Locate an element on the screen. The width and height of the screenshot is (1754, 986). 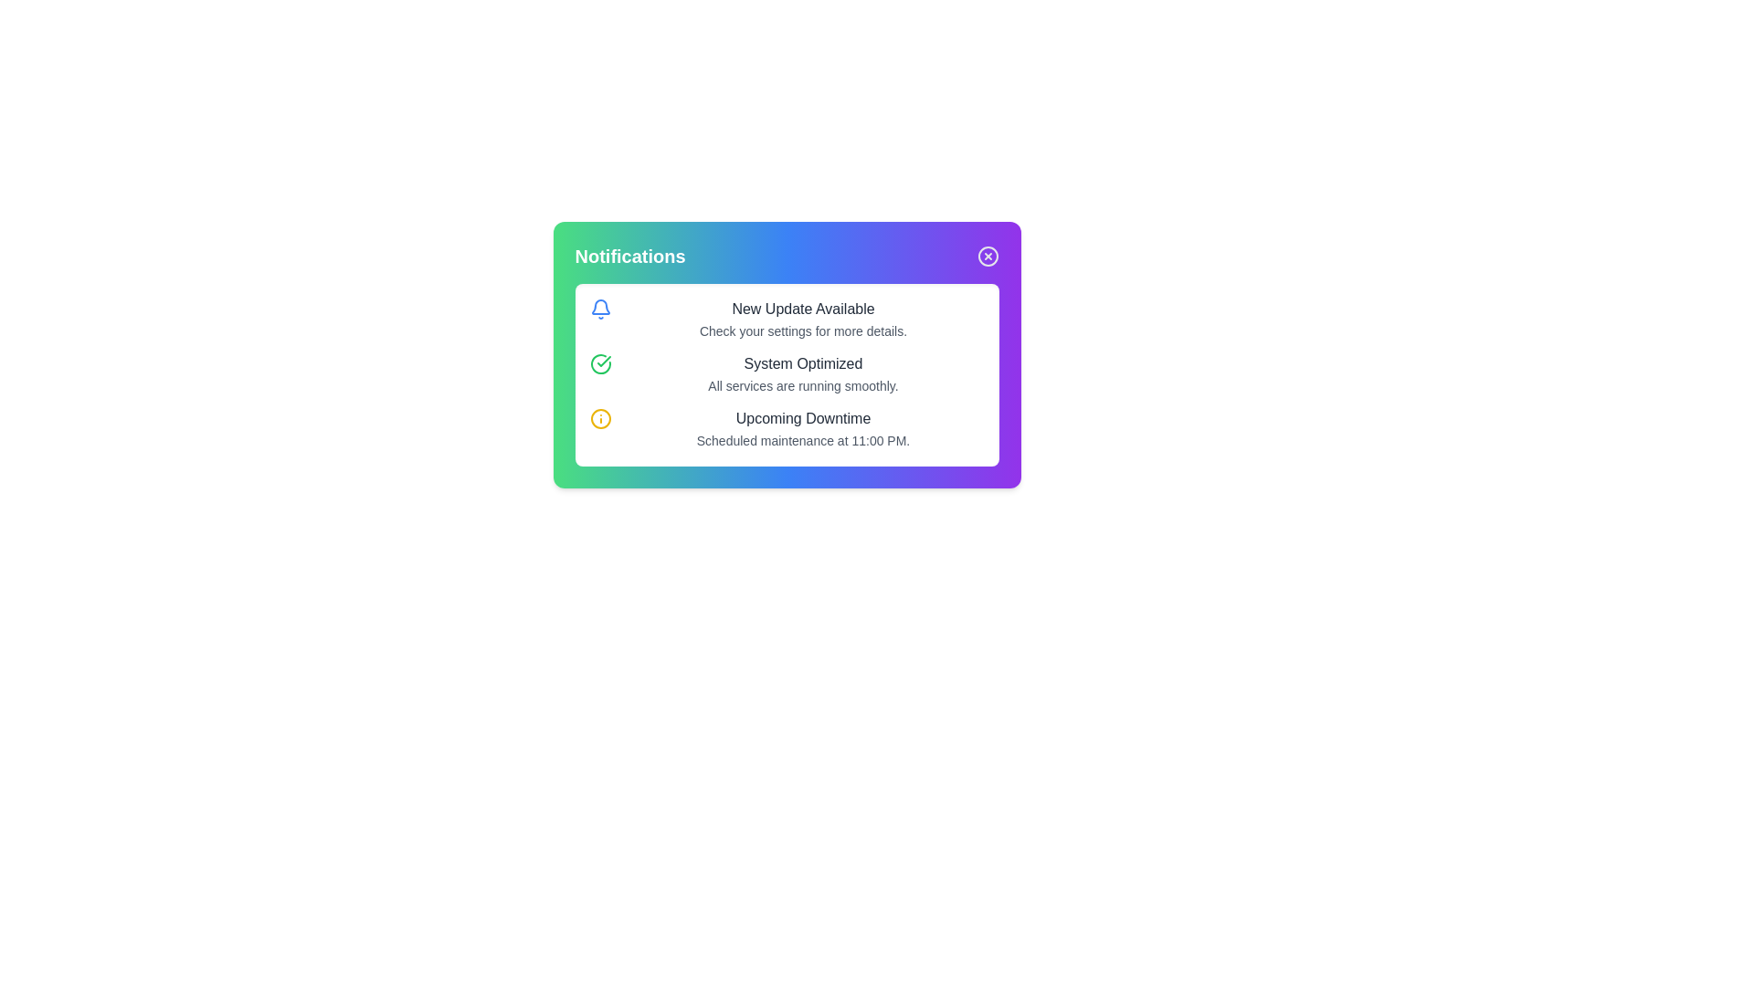
text label displaying 'New Update Available' located in the upper section of the notification card is located at coordinates (803, 309).